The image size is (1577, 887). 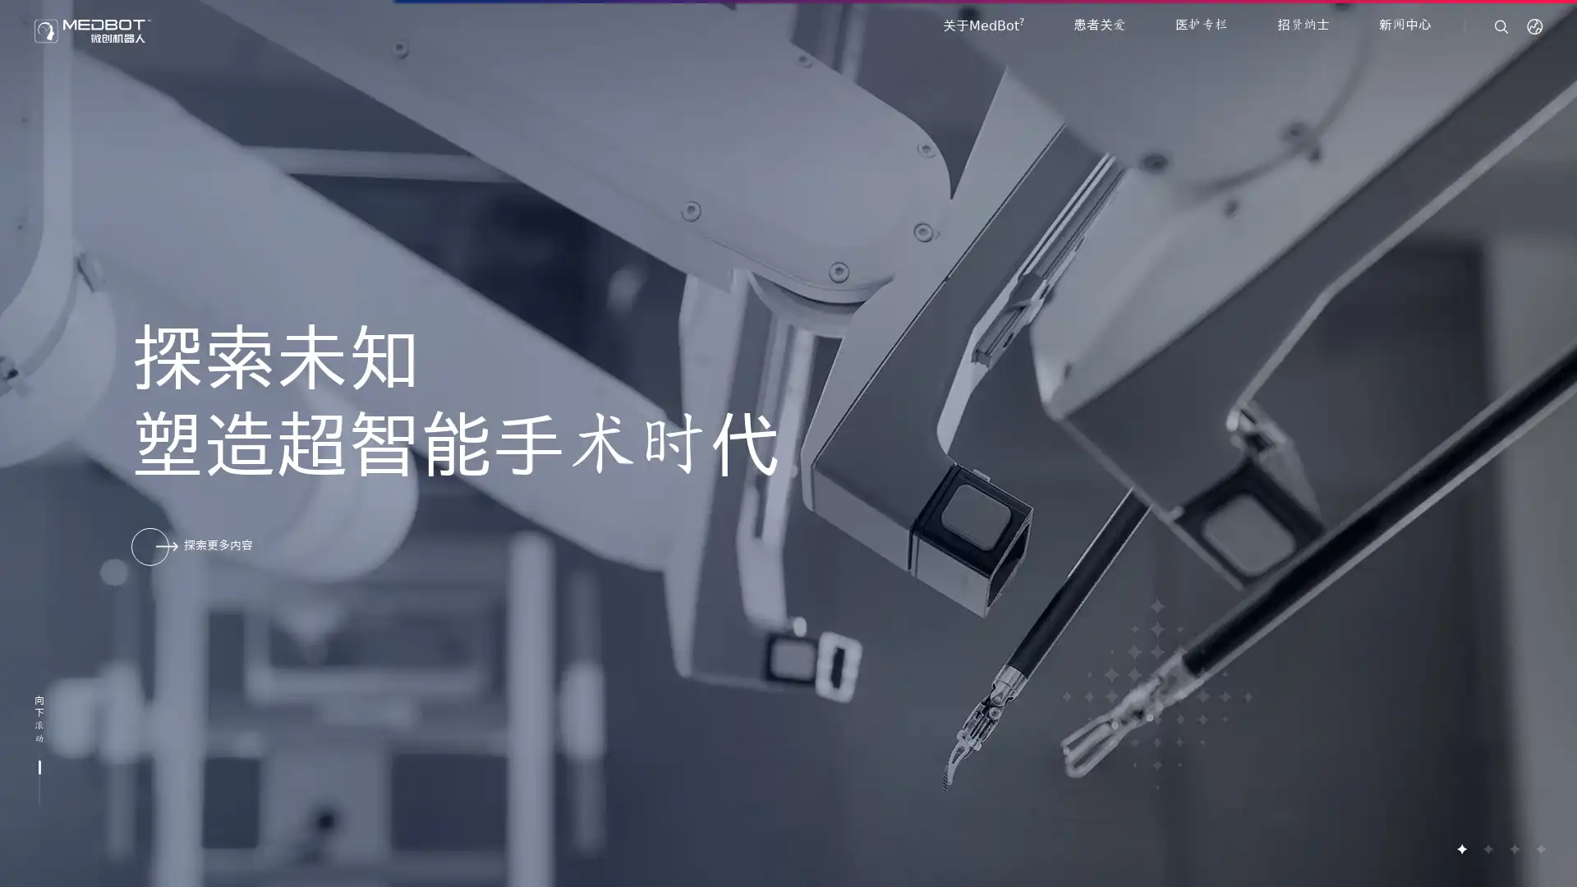 I want to click on Go to slide 2, so click(x=1487, y=848).